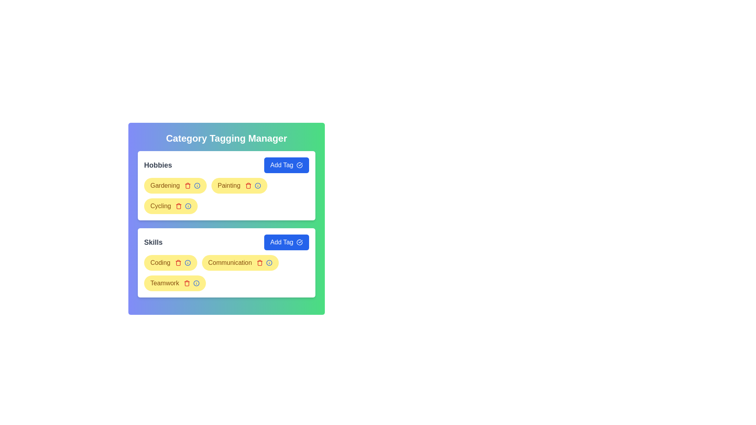  I want to click on the Tooltip icon located in the third row of the 'Hobbies' category in the 'Category Tagging Manager' interface, so click(188, 206).